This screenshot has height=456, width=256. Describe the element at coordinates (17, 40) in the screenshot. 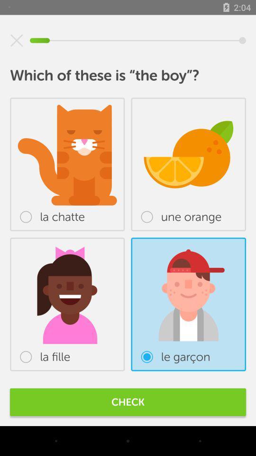

I see `item above which of these item` at that location.